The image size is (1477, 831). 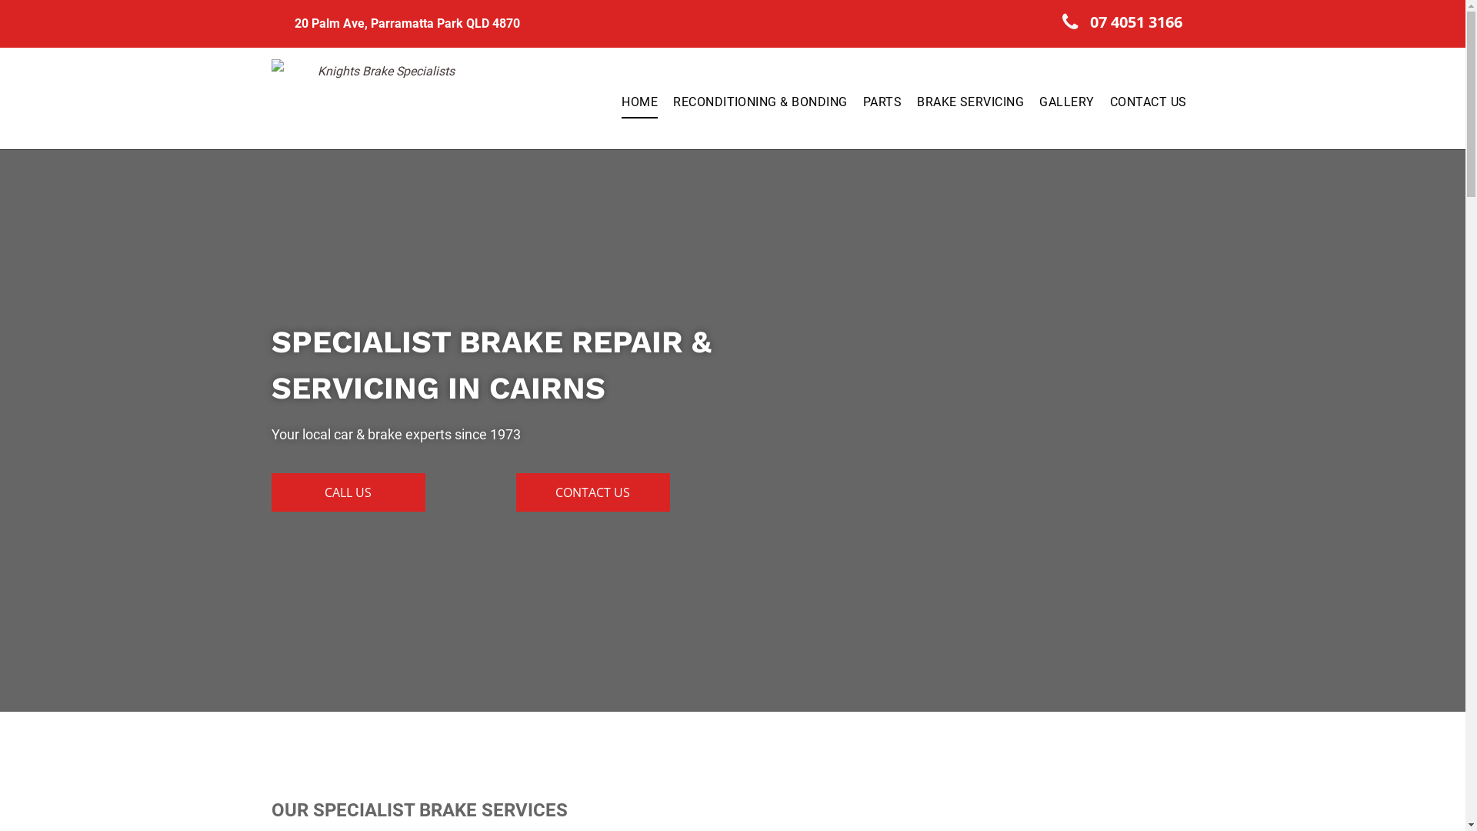 I want to click on 'CALL US', so click(x=270, y=492).